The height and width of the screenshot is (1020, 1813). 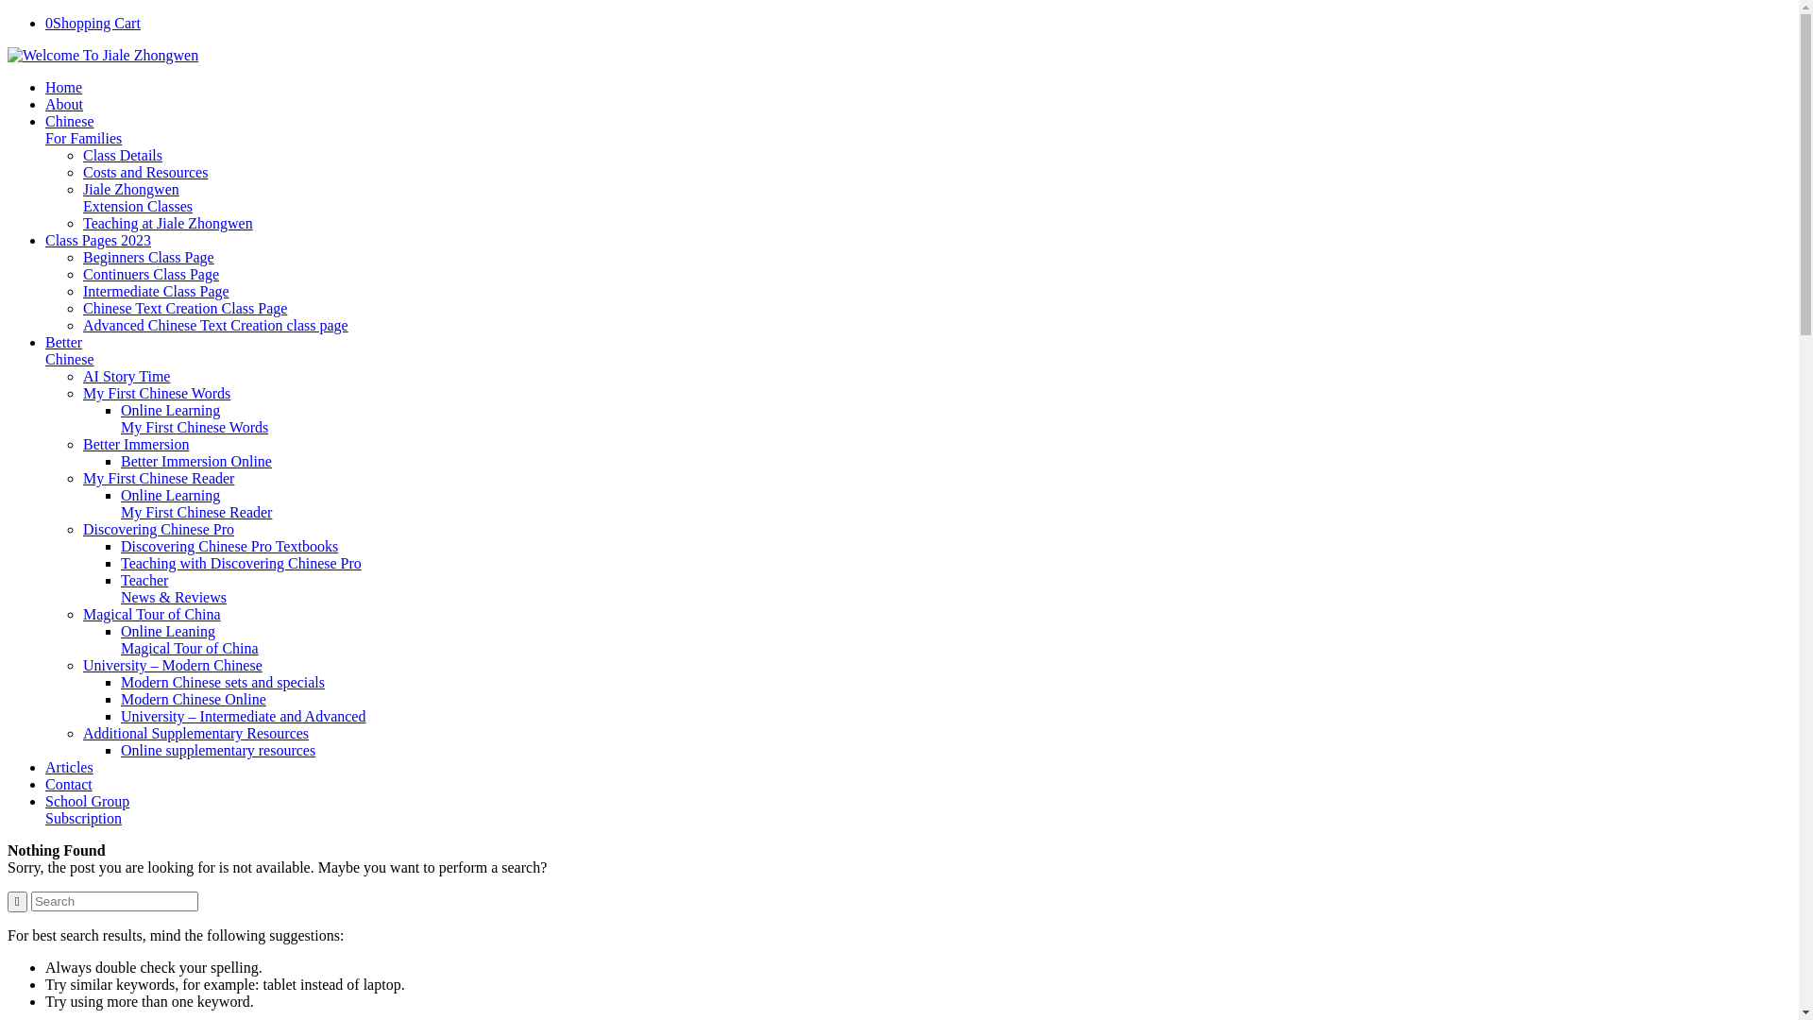 I want to click on 'Online Leaning, so click(x=120, y=638).